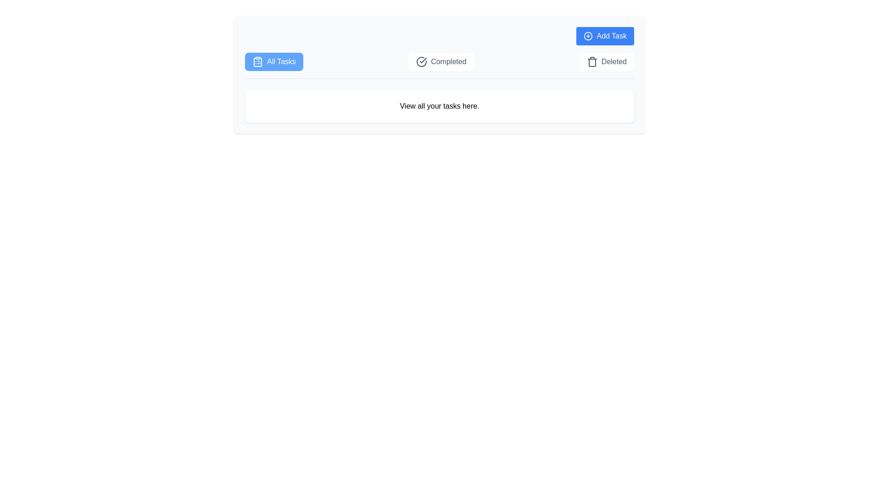 Image resolution: width=881 pixels, height=495 pixels. What do you see at coordinates (592, 62) in the screenshot?
I see `the trash bin icon located in the top-right quadrant of the interface, which is part of the 'Deleted' button` at bounding box center [592, 62].